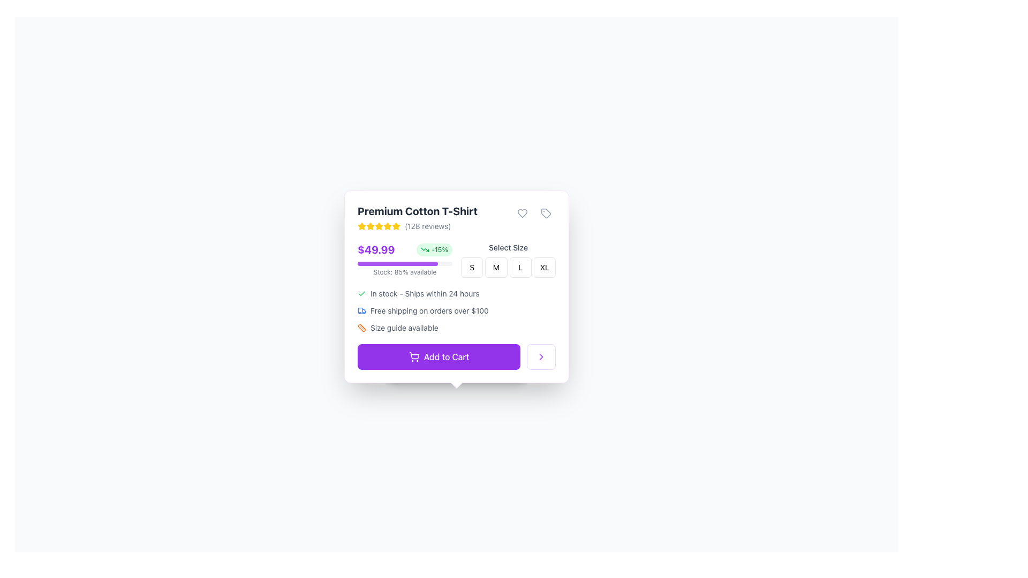  I want to click on the rectangular button labeled 'XL' with a white background and black text, so click(545, 267).